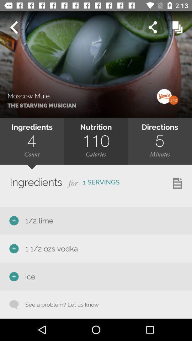 The image size is (192, 341). I want to click on go back, so click(14, 27).